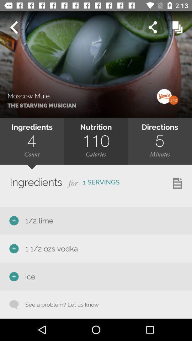 The image size is (192, 341). I want to click on go back, so click(14, 27).